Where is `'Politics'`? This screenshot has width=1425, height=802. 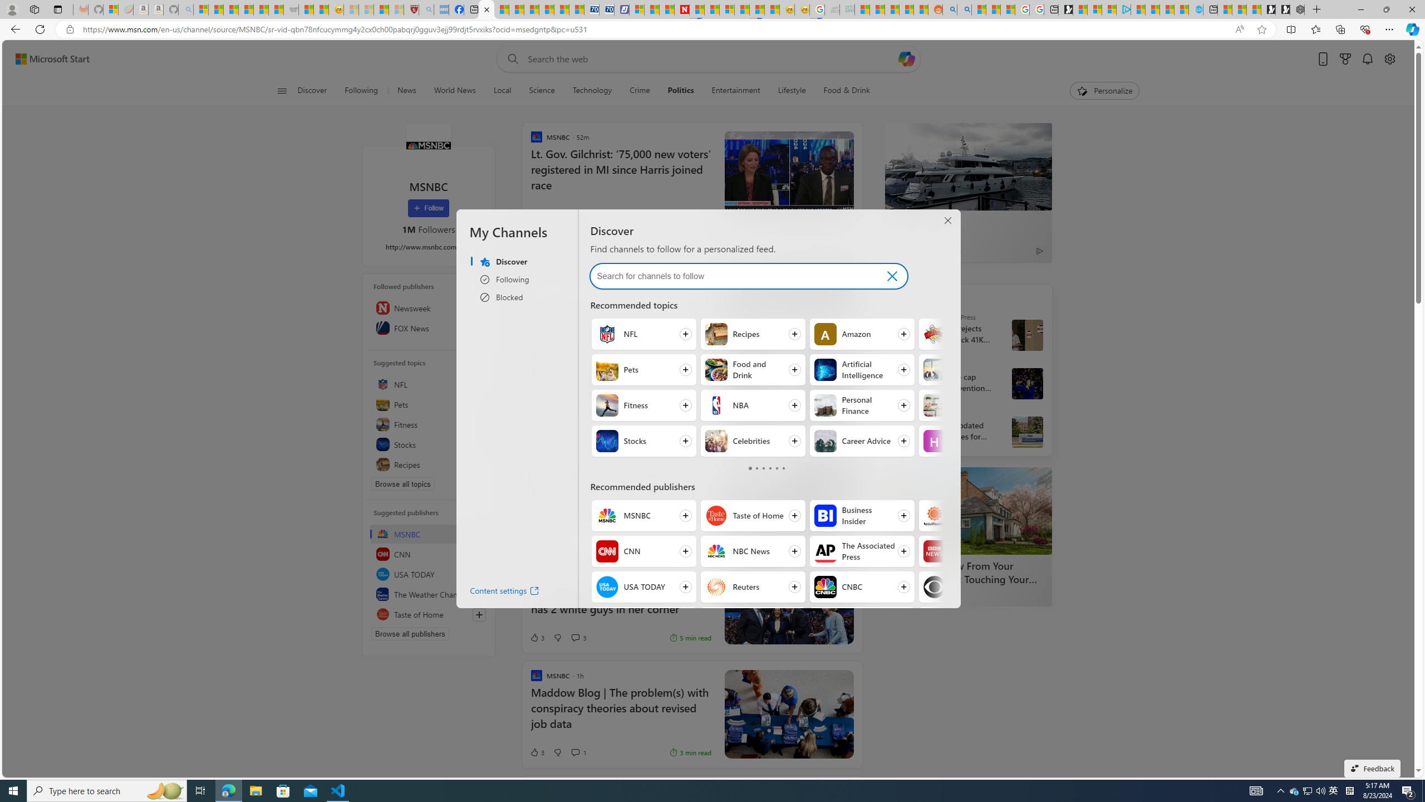
'Politics' is located at coordinates (680, 90).